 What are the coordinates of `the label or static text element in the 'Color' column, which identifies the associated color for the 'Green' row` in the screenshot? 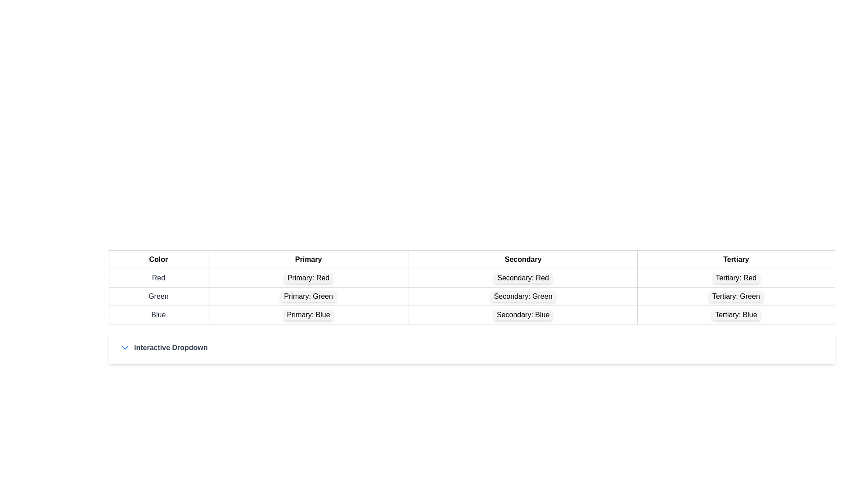 It's located at (158, 277).